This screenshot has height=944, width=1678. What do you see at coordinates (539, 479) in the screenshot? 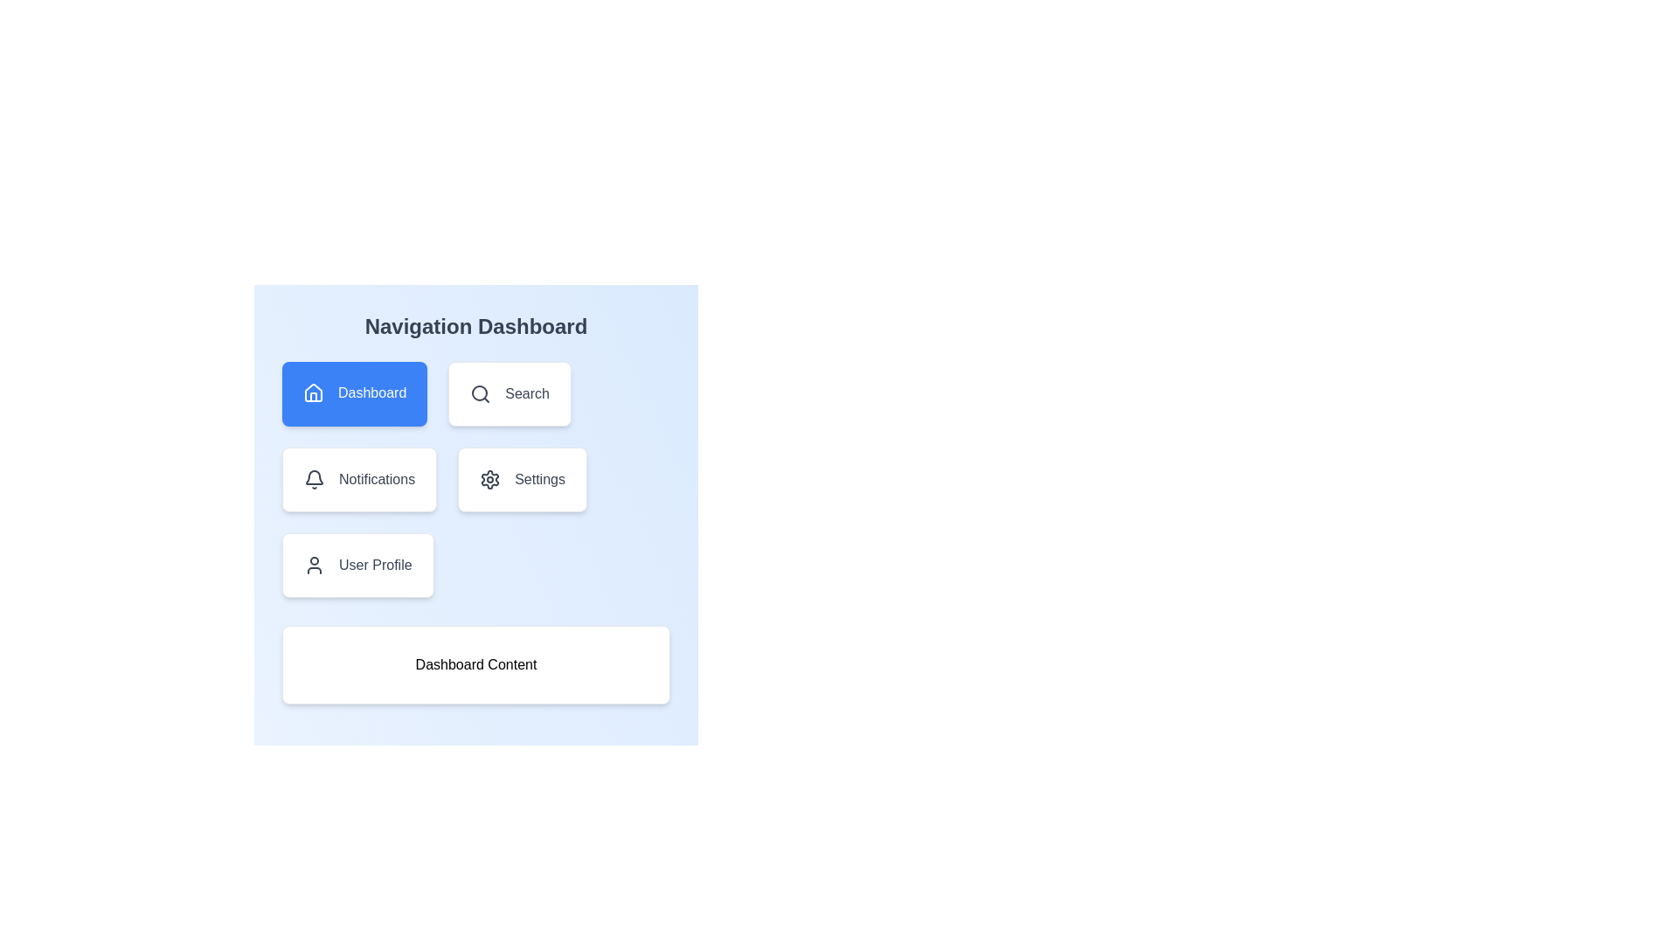
I see `the text label that is located in the bottom-right section of the main navigation area, which likely provides access to settings-related functionality` at bounding box center [539, 479].